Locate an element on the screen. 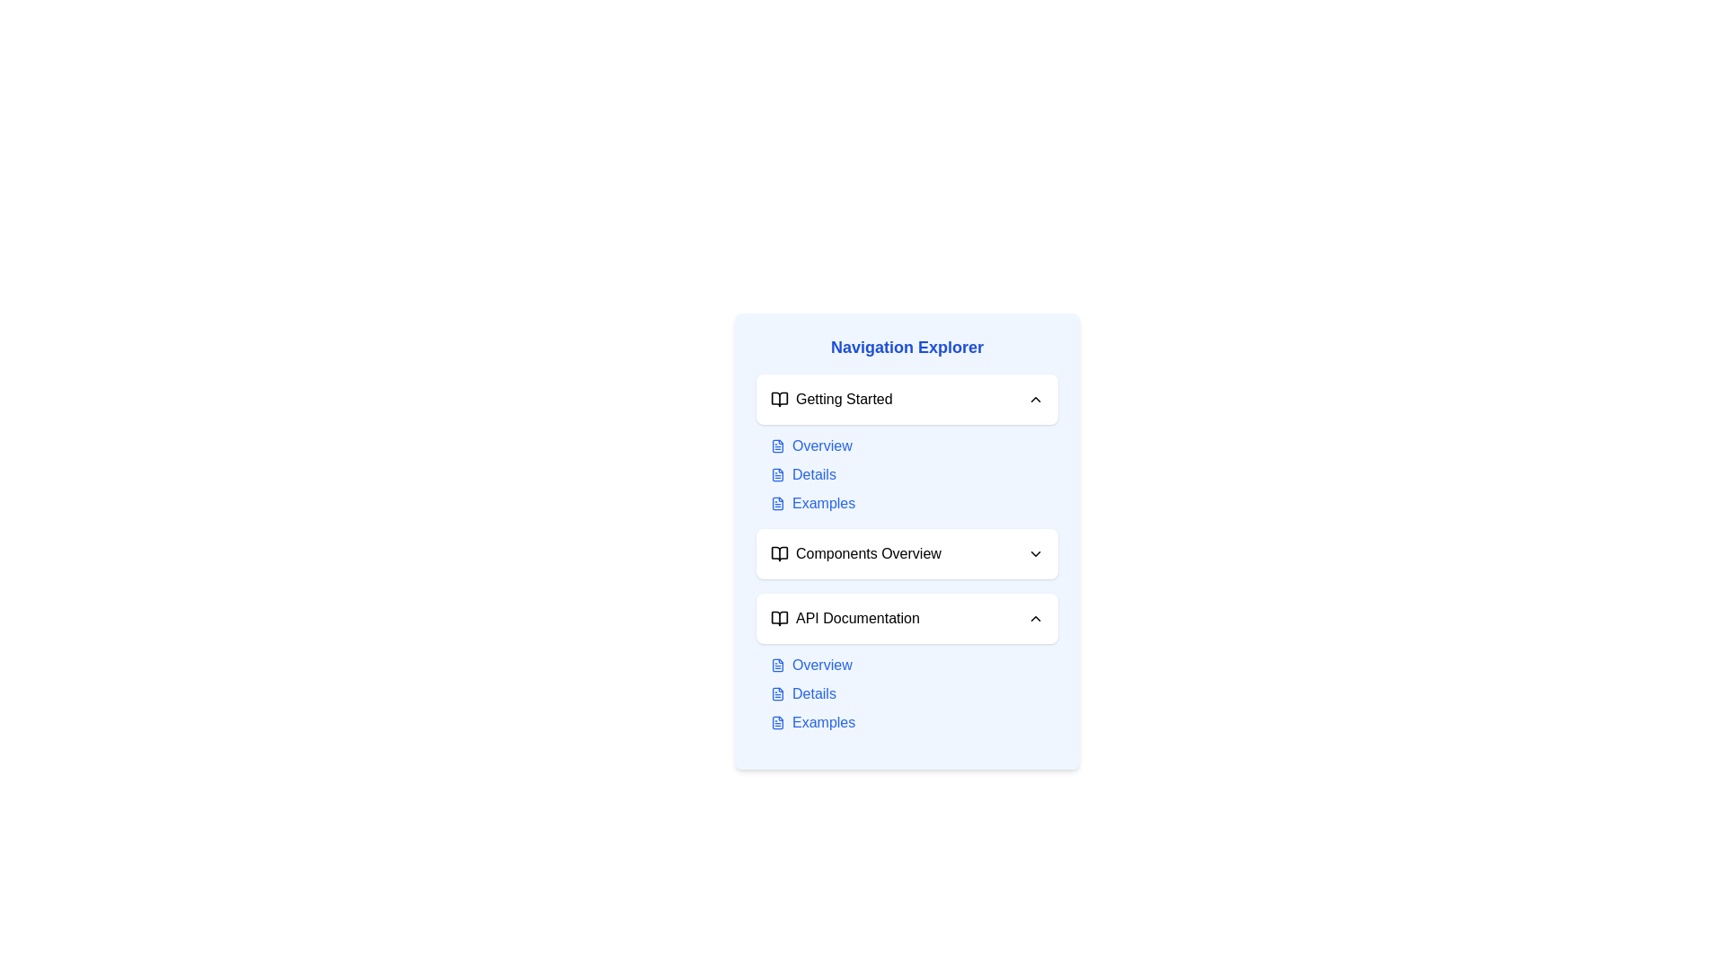 The width and height of the screenshot is (1725, 970). the icon resembling an open book located in the navigation menu, associated with the 'Components Overview' label is located at coordinates (780, 553).